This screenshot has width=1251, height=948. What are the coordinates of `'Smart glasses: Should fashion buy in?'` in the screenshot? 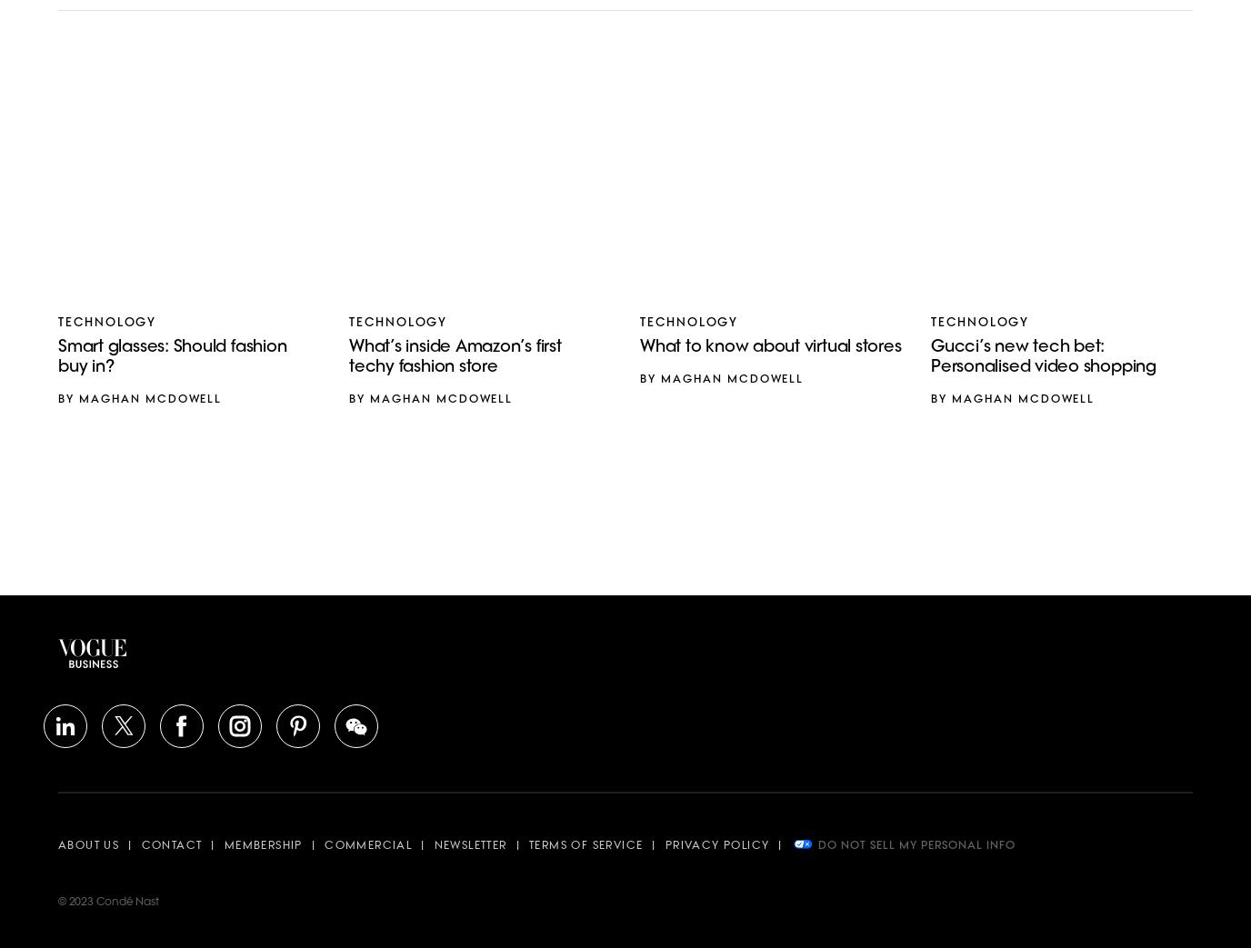 It's located at (172, 357).